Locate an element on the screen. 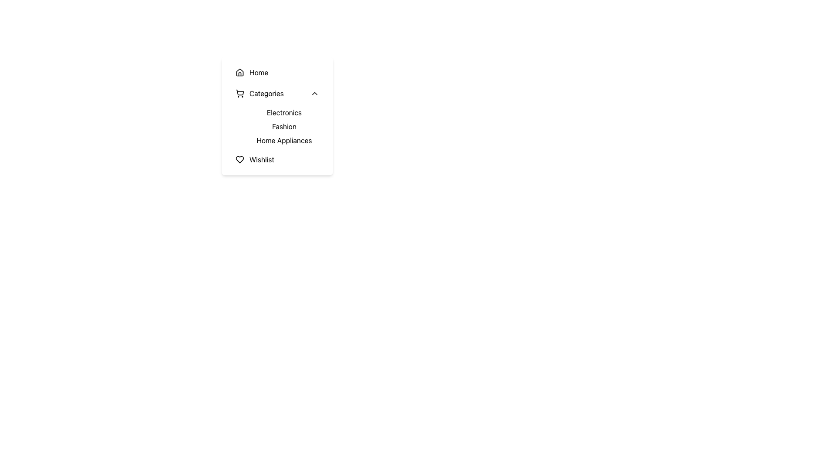  the shopping cart vector icon located beside the 'Categories' text label in the vertical menu layout is located at coordinates (240, 92).